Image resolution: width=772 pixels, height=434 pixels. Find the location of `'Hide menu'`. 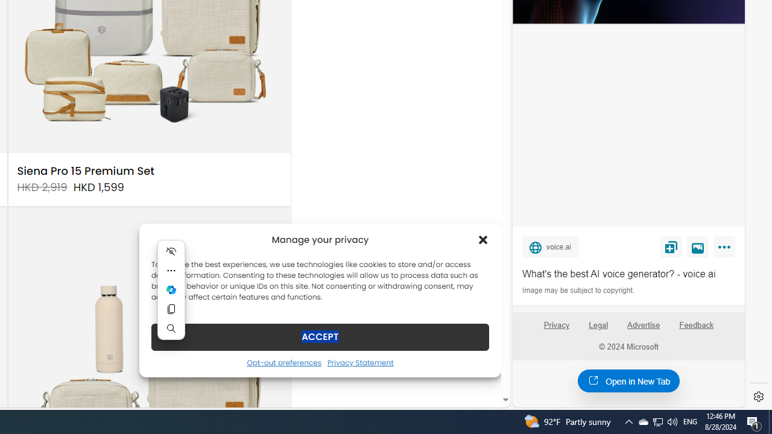

'Hide menu' is located at coordinates (171, 250).